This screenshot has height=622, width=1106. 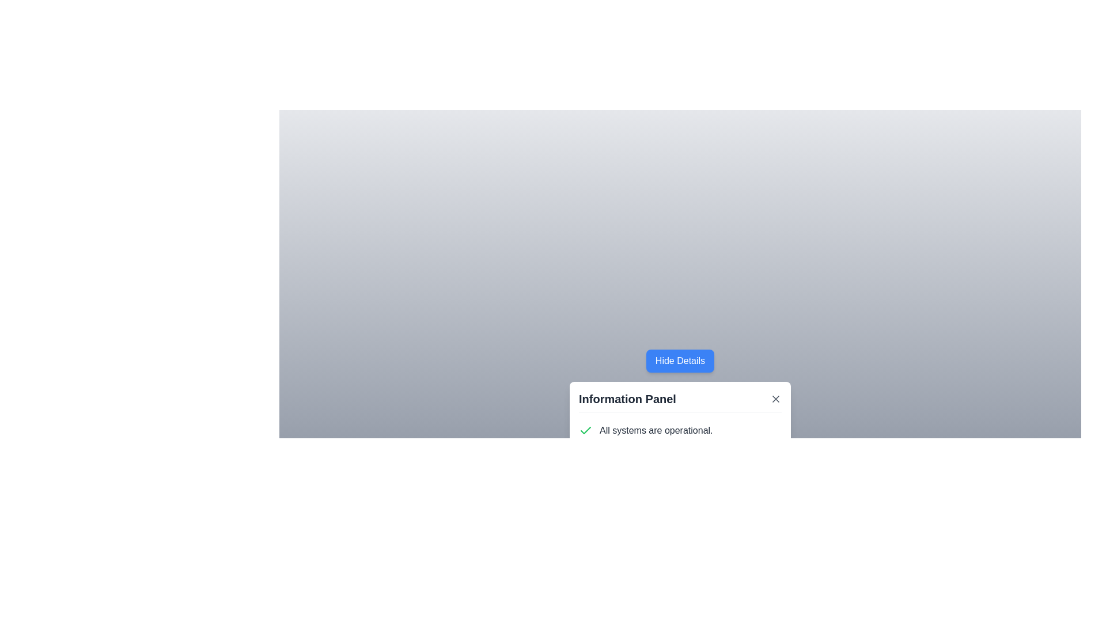 What do you see at coordinates (586, 430) in the screenshot?
I see `the Checkmark icon located to the far left of the text 'All systems are operational.'` at bounding box center [586, 430].